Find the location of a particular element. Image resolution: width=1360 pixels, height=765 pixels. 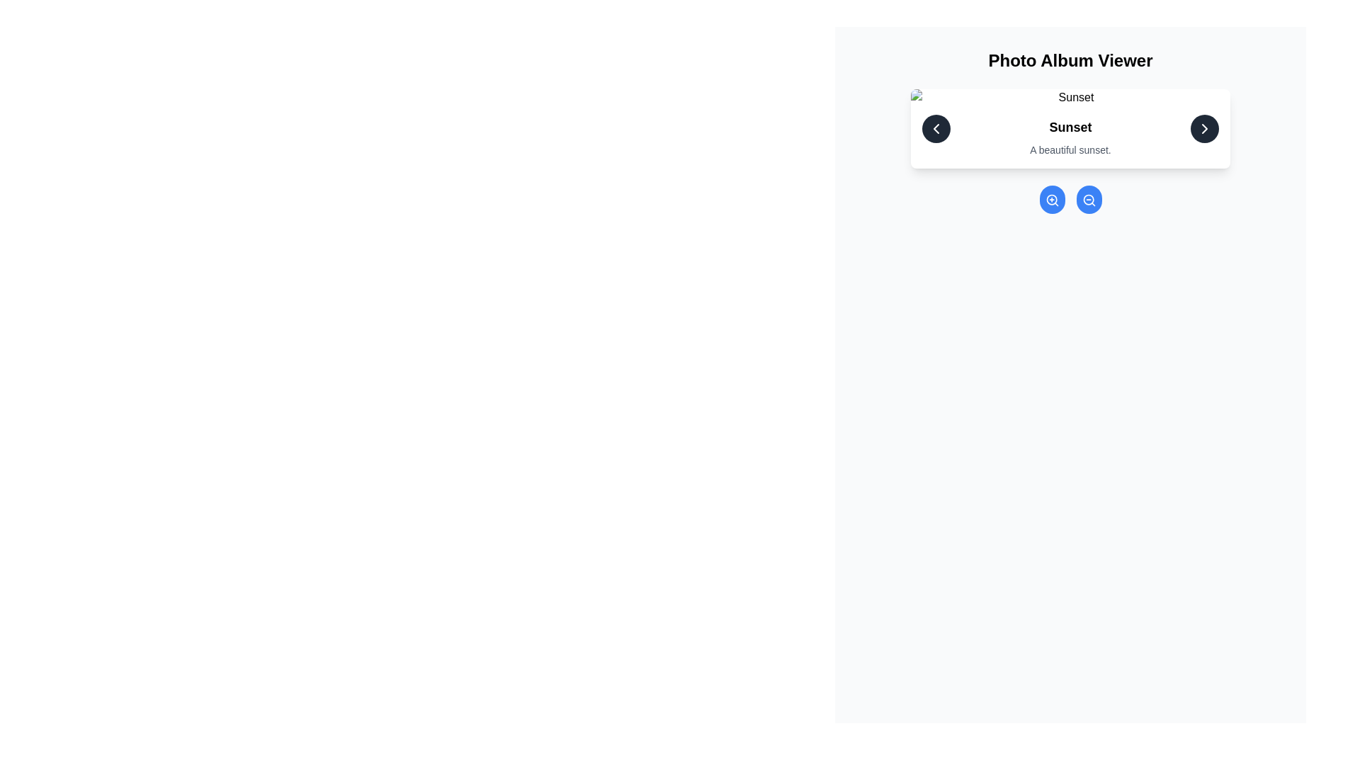

the right circular navigation button with a chevron icon and trigger navigation by simulating an Enter key press is located at coordinates (1203, 128).